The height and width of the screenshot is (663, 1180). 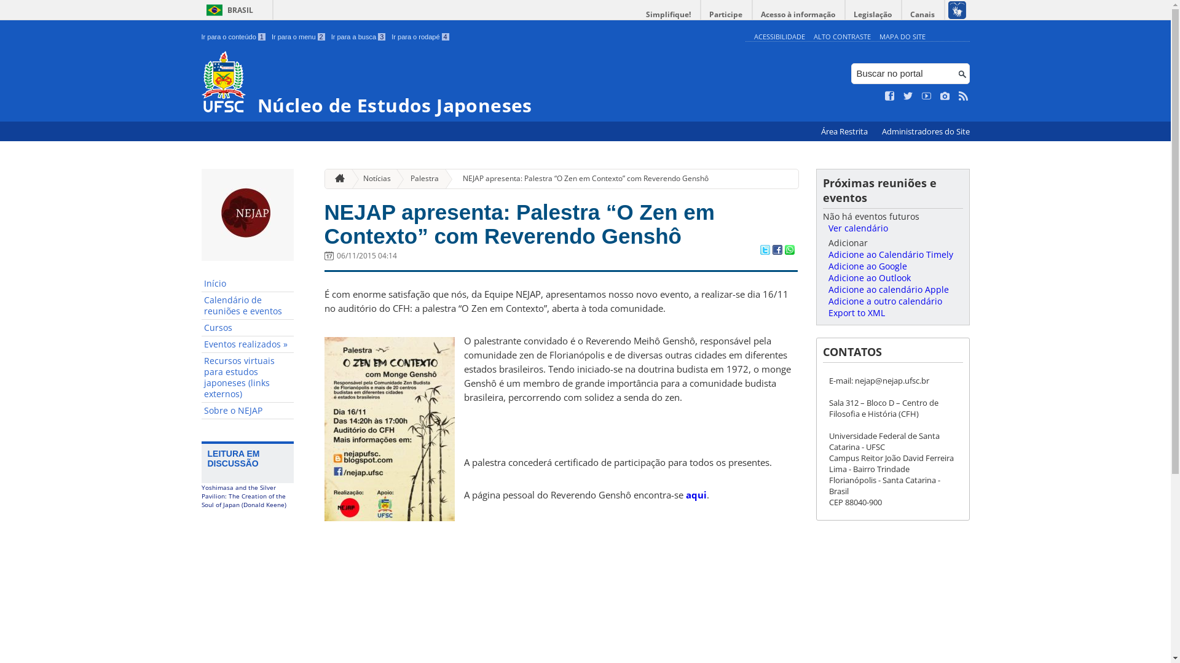 What do you see at coordinates (867, 265) in the screenshot?
I see `'Adicione ao Google'` at bounding box center [867, 265].